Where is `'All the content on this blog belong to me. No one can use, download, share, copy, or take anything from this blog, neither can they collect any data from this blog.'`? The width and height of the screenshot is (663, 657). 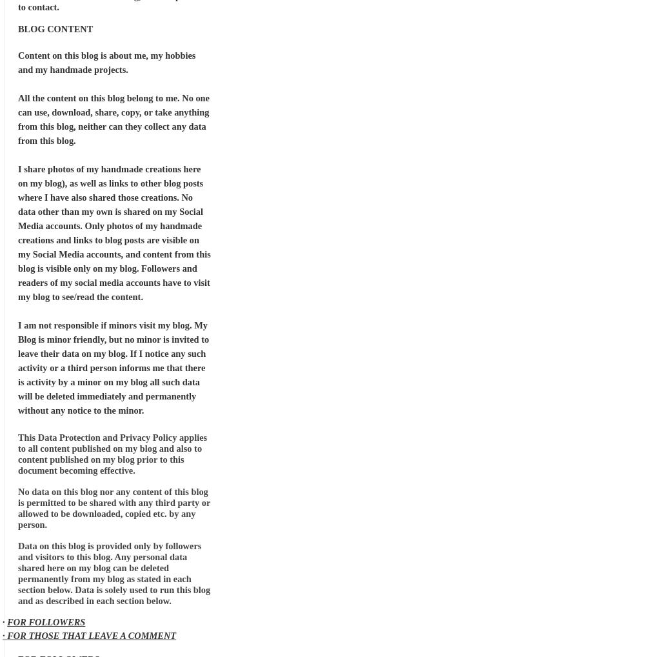
'All the content on this blog belong to me. No one can use, download, share, copy, or take anything from this blog, neither can they collect any data from this blog.' is located at coordinates (114, 119).